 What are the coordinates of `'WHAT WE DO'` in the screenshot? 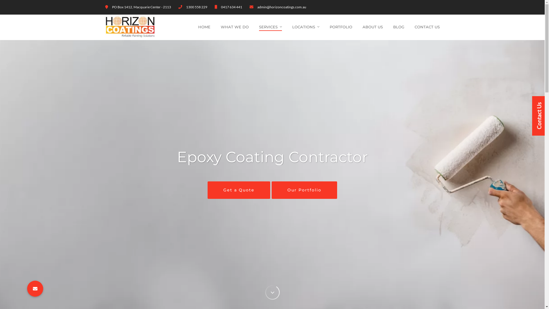 It's located at (234, 27).